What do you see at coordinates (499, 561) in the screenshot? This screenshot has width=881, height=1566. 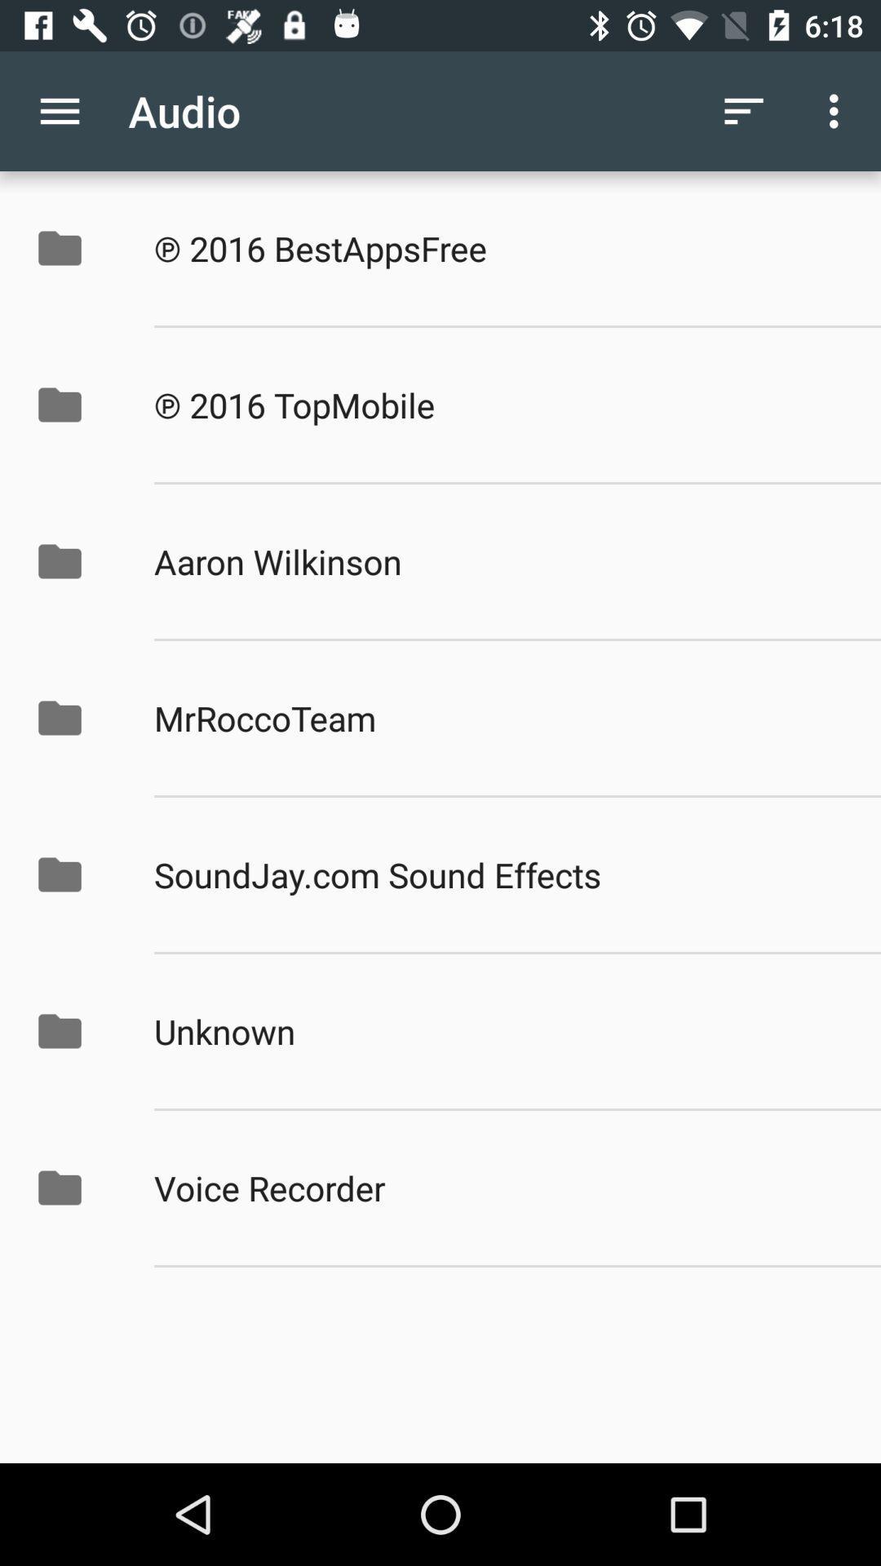 I see `icon above the mrroccoteam app` at bounding box center [499, 561].